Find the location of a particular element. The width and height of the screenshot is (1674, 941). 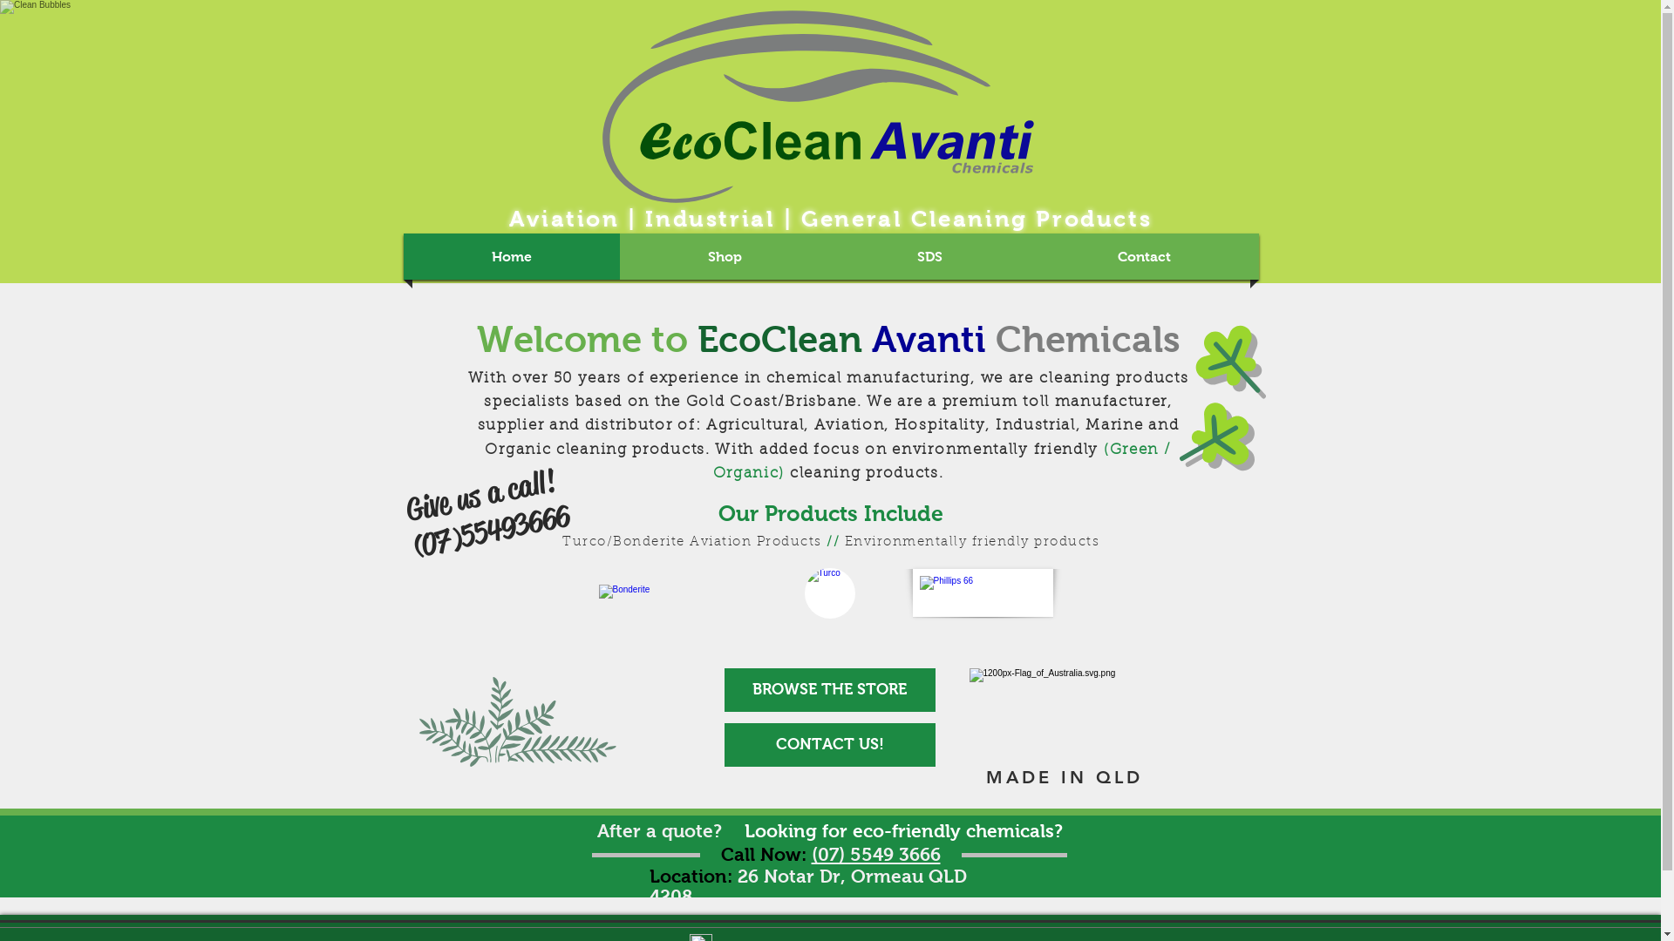

'SDS' is located at coordinates (928, 256).